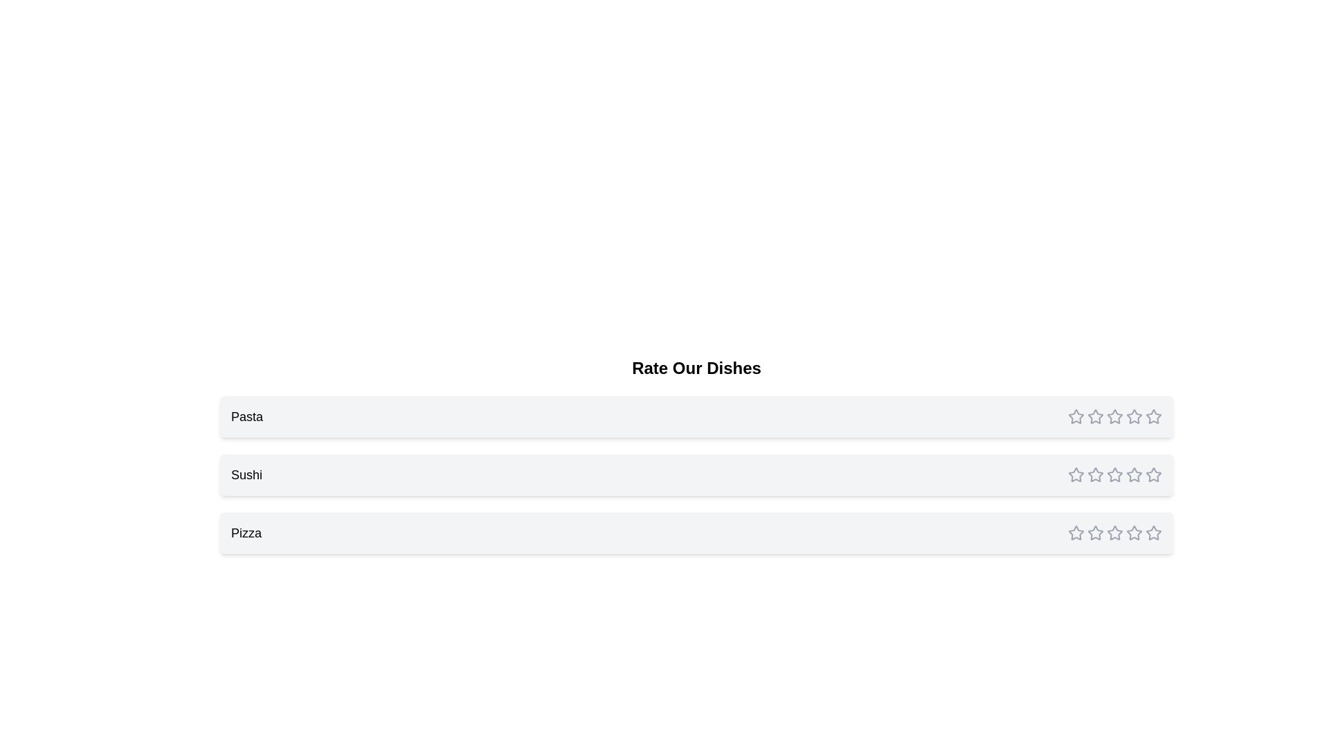  I want to click on the third star icon in the 'Sushi' row of the 'Rate Our Dishes' component, so click(1115, 474).